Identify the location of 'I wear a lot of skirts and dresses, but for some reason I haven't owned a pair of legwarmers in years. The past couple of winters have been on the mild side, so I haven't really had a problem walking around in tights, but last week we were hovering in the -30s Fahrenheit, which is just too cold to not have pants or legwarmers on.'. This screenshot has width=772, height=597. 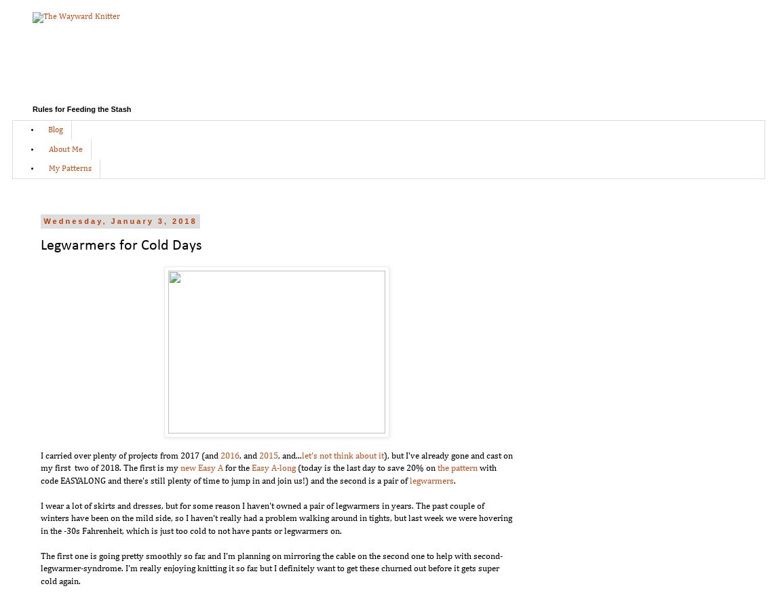
(275, 518).